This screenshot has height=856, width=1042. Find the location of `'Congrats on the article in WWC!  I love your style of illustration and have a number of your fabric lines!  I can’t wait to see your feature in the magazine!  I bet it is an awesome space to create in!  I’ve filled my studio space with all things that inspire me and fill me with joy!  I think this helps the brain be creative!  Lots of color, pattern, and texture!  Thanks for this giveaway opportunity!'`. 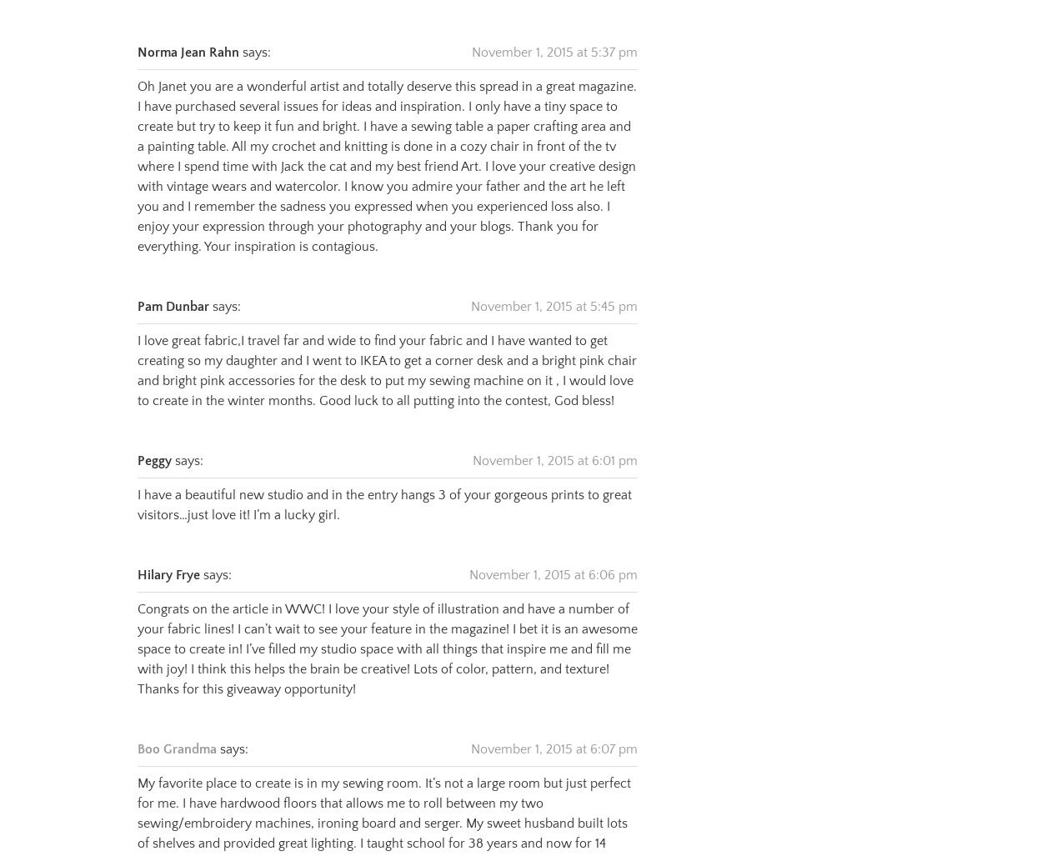

'Congrats on the article in WWC!  I love your style of illustration and have a number of your fabric lines!  I can’t wait to see your feature in the magazine!  I bet it is an awesome space to create in!  I’ve filled my studio space with all things that inspire me and fill me with joy!  I think this helps the brain be creative!  Lots of color, pattern, and texture!  Thanks for this giveaway opportunity!' is located at coordinates (387, 628).